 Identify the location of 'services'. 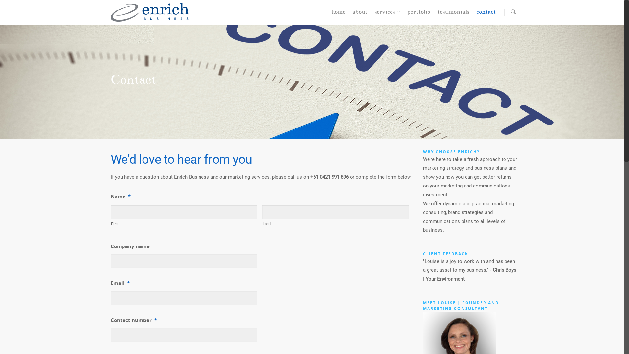
(371, 14).